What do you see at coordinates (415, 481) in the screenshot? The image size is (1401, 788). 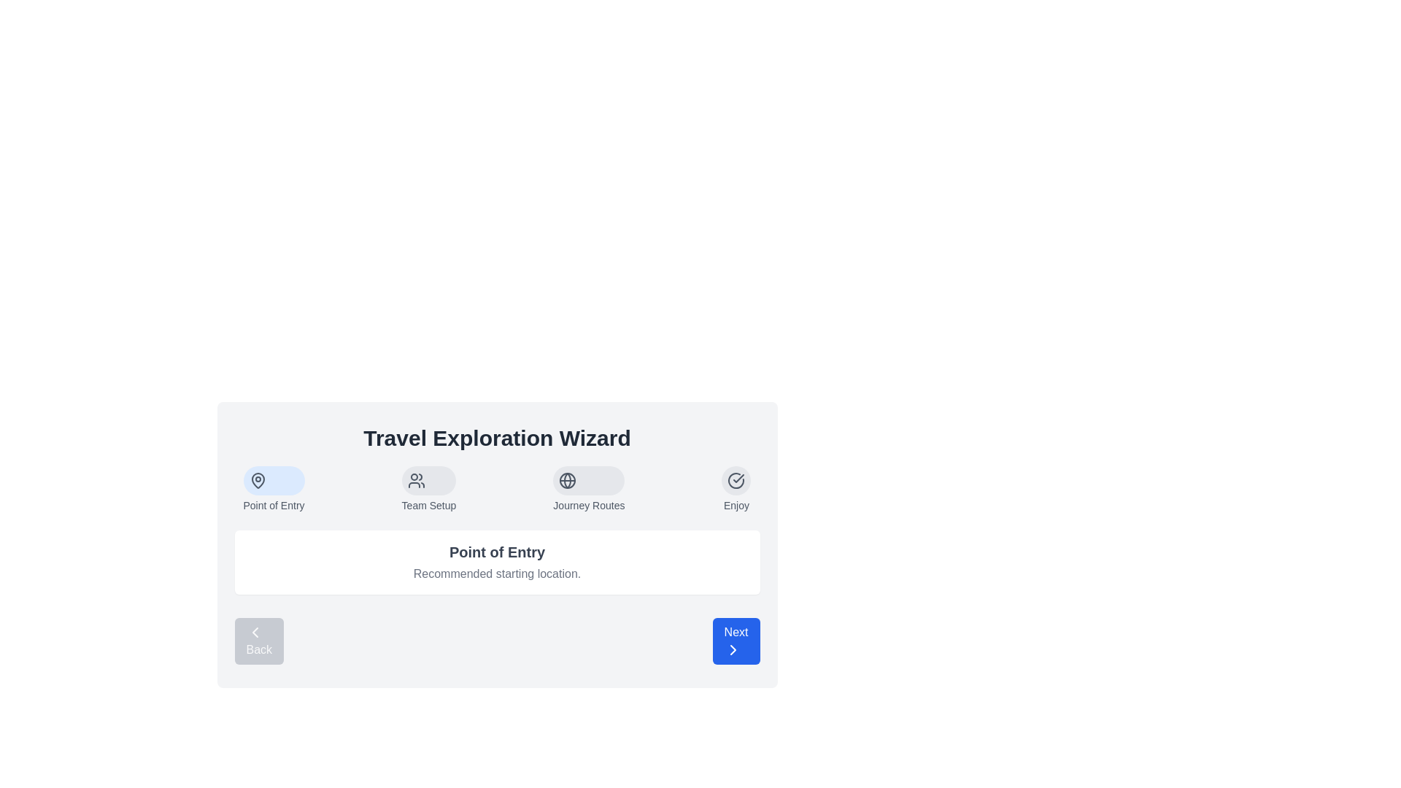 I see `the group of people icon in the 'Team Setup' section of the travel wizard interface` at bounding box center [415, 481].